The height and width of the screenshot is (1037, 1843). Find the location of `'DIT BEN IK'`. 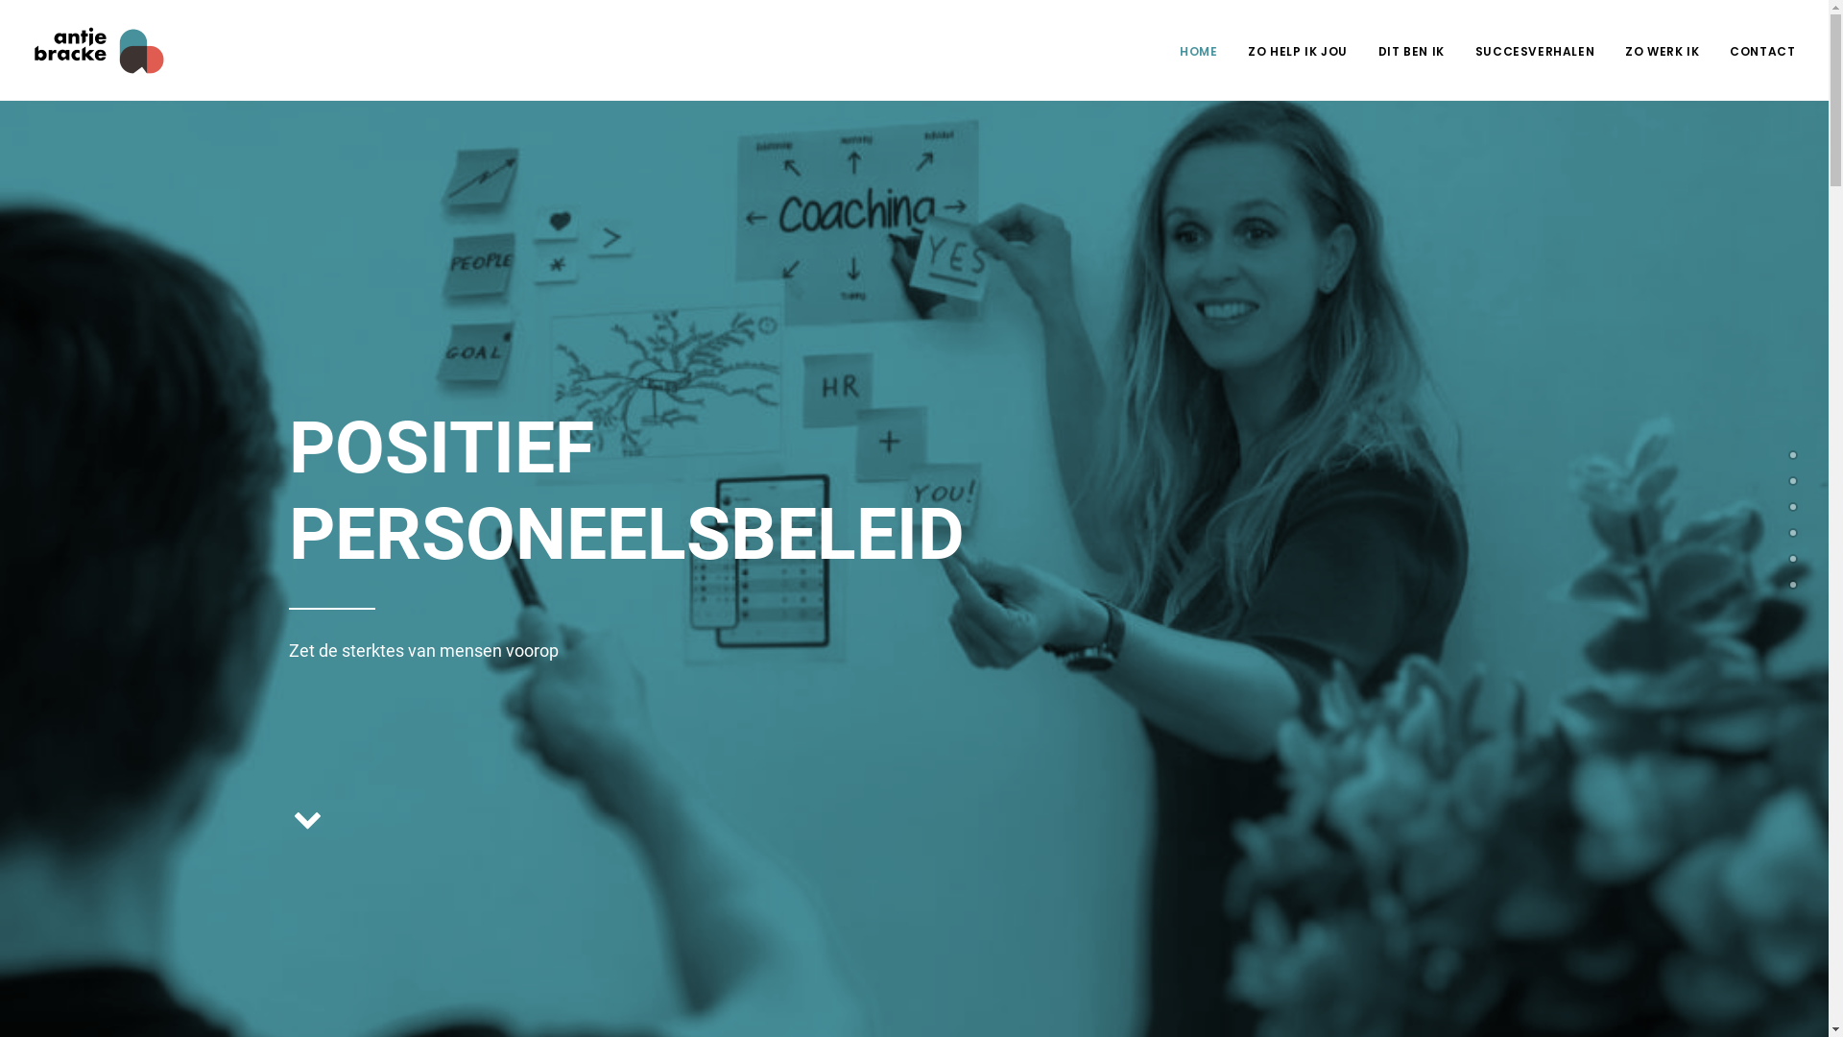

'DIT BEN IK' is located at coordinates (1363, 48).